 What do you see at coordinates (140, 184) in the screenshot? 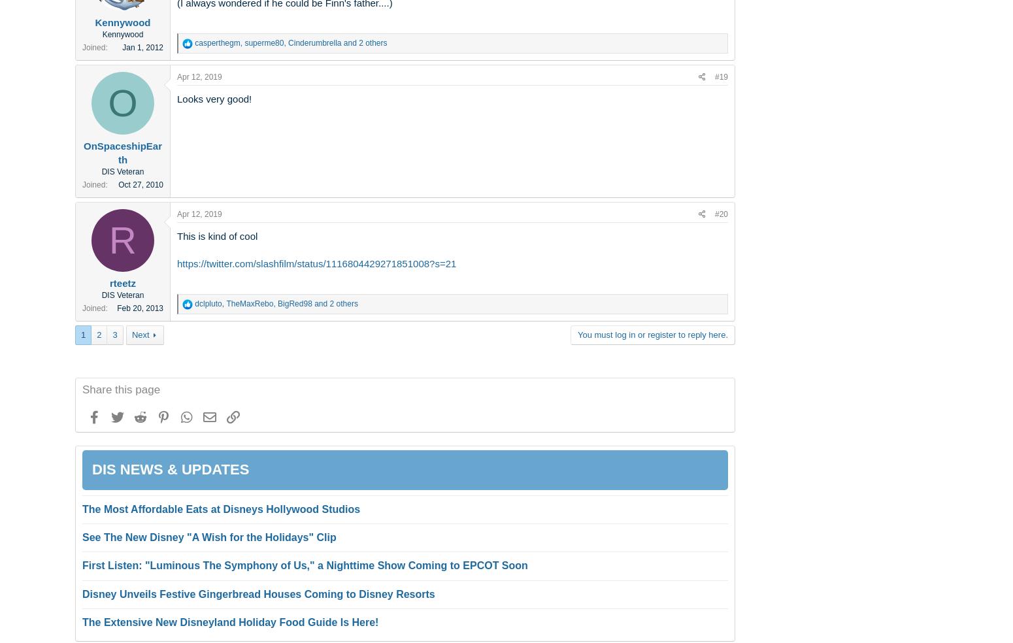
I see `'Oct 27, 2010'` at bounding box center [140, 184].